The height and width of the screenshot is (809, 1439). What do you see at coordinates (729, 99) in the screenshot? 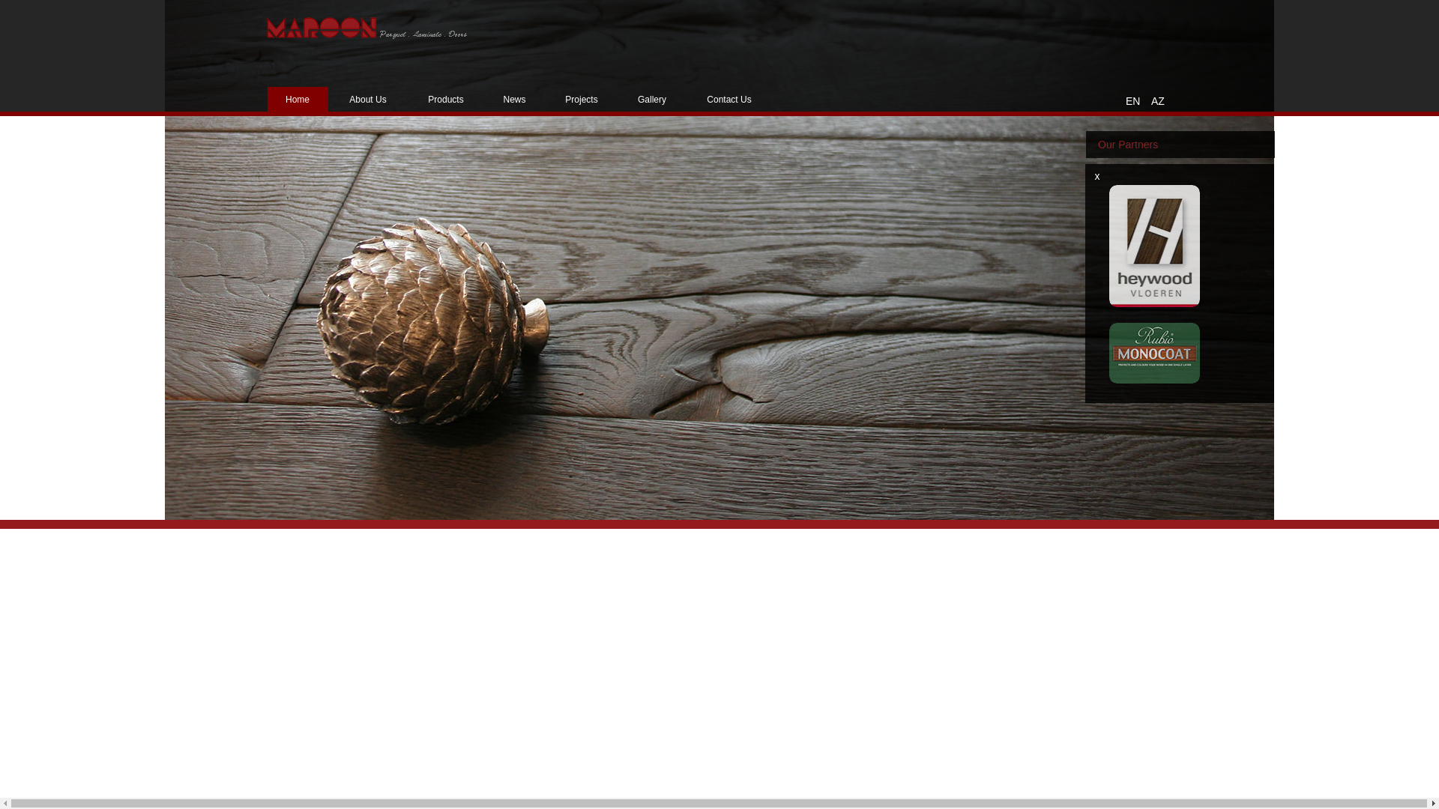
I see `'Contact Us'` at bounding box center [729, 99].